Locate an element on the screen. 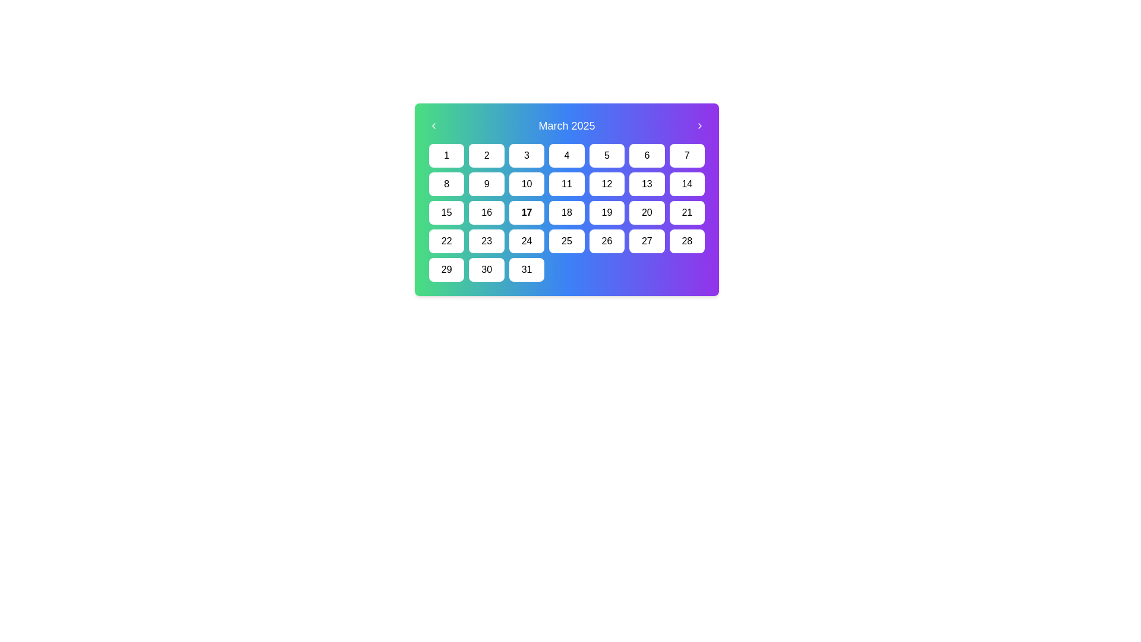  the Calendar Day Button representing the ninth day in the calendar grid is located at coordinates (487, 184).